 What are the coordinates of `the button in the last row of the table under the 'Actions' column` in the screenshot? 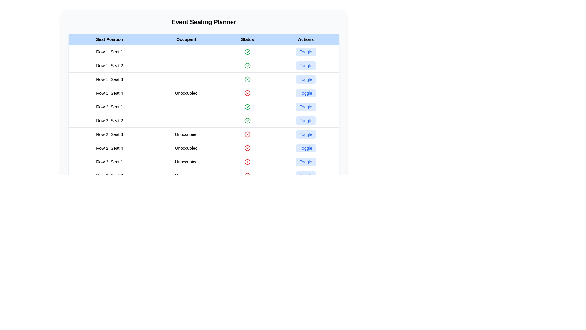 It's located at (306, 189).